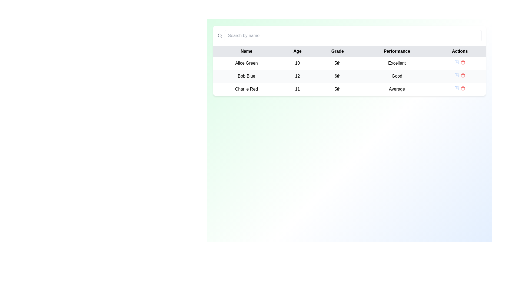 The height and width of the screenshot is (292, 519). Describe the element at coordinates (337, 89) in the screenshot. I see `the non-interactive table cell displaying the grade for 'Charlie Red' in the third row of the table` at that location.